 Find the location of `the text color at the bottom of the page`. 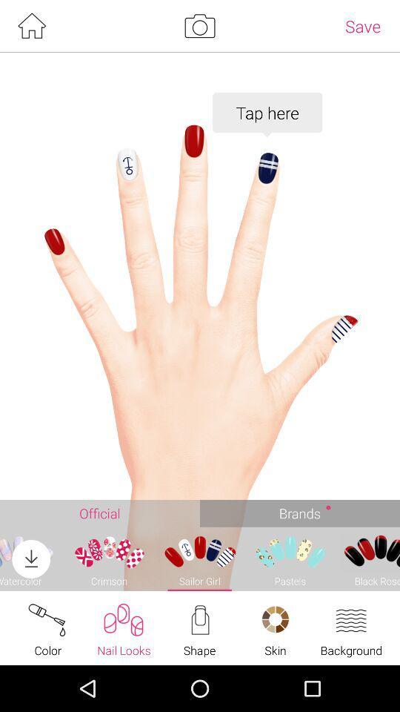

the text color at the bottom of the page is located at coordinates (48, 627).